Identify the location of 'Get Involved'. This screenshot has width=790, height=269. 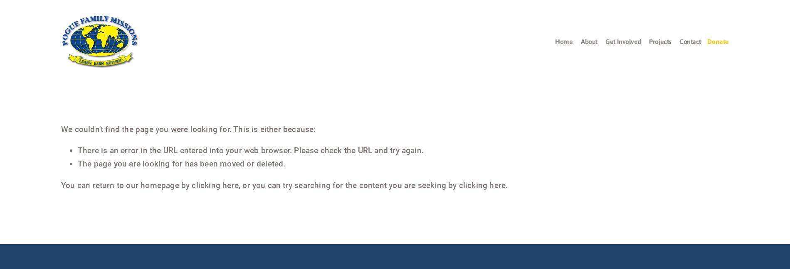
(623, 41).